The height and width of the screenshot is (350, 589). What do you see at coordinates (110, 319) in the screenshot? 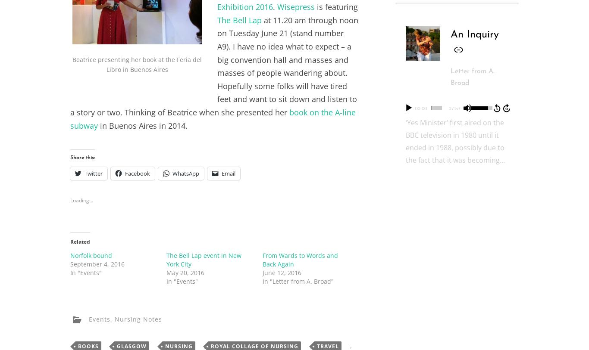
I see `','` at bounding box center [110, 319].